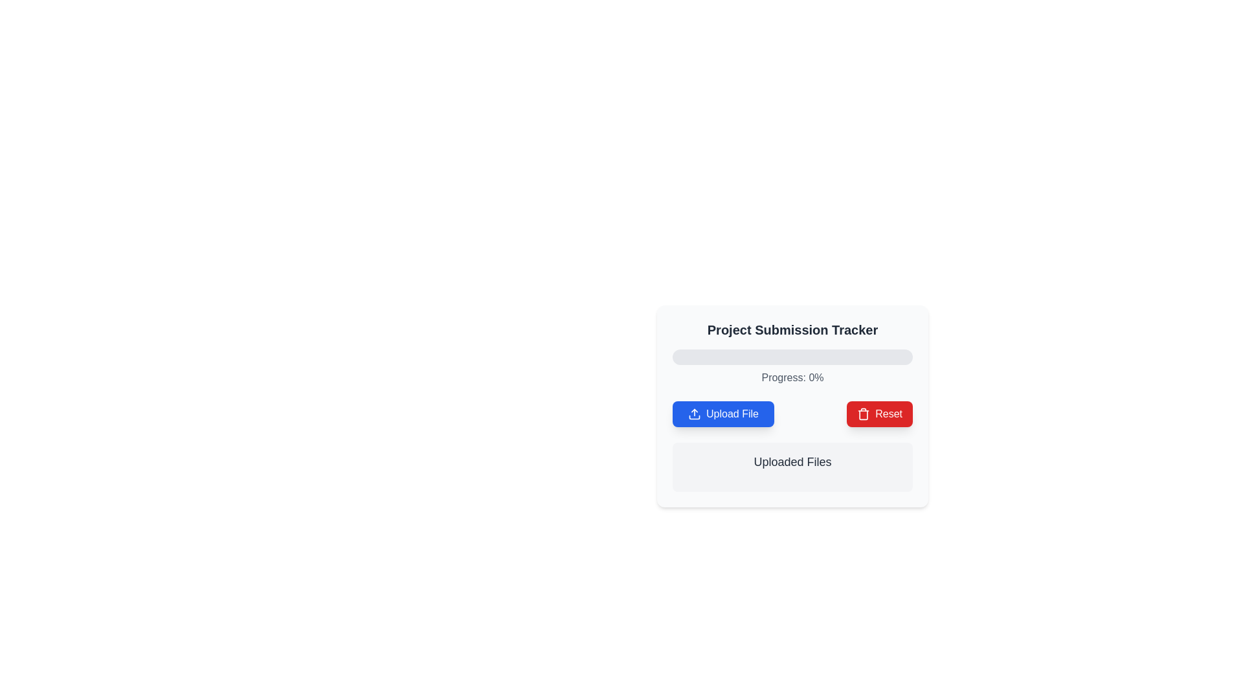  What do you see at coordinates (792, 461) in the screenshot?
I see `the static text label that serves as a heading for the uploaded files section, located in the lower part of the main interface card` at bounding box center [792, 461].